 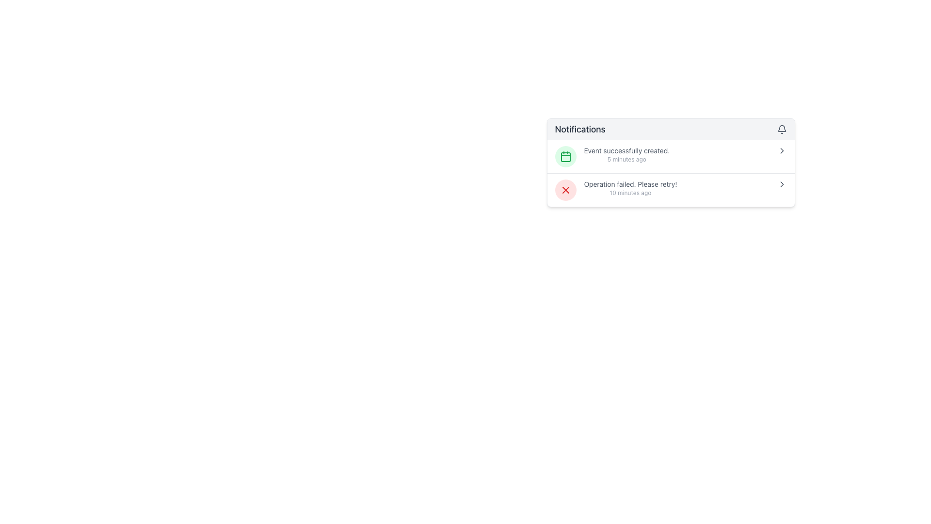 I want to click on the notification message indicating a failed operation, so click(x=670, y=190).